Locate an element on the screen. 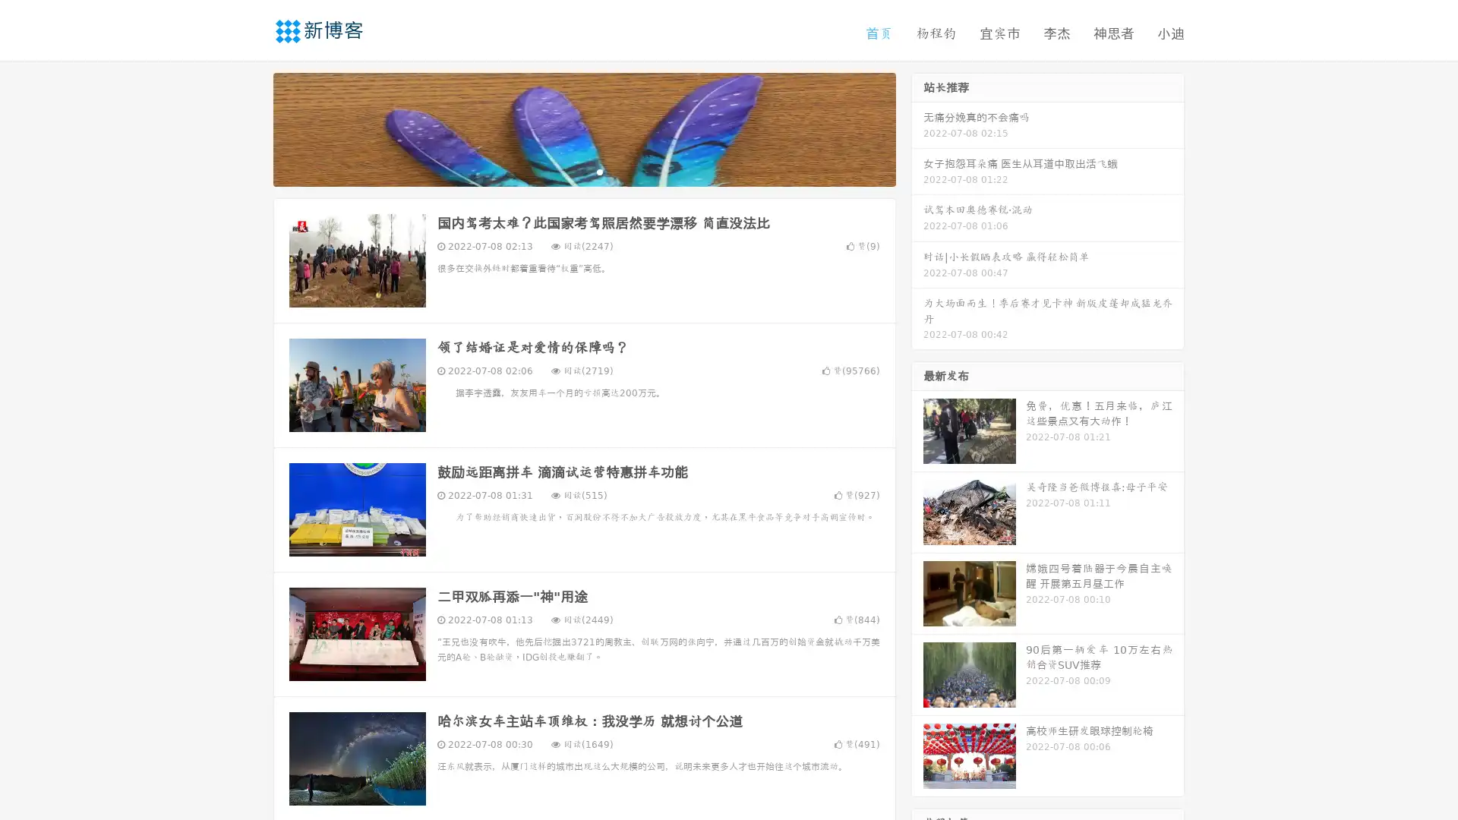 This screenshot has width=1458, height=820. Previous slide is located at coordinates (251, 128).